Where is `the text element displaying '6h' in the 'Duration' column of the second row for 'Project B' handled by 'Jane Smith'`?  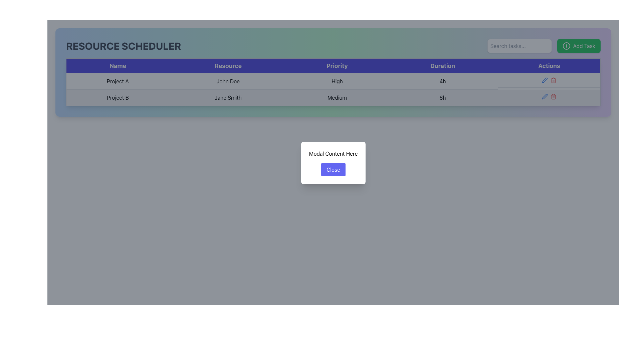
the text element displaying '6h' in the 'Duration' column of the second row for 'Project B' handled by 'Jane Smith' is located at coordinates (442, 98).